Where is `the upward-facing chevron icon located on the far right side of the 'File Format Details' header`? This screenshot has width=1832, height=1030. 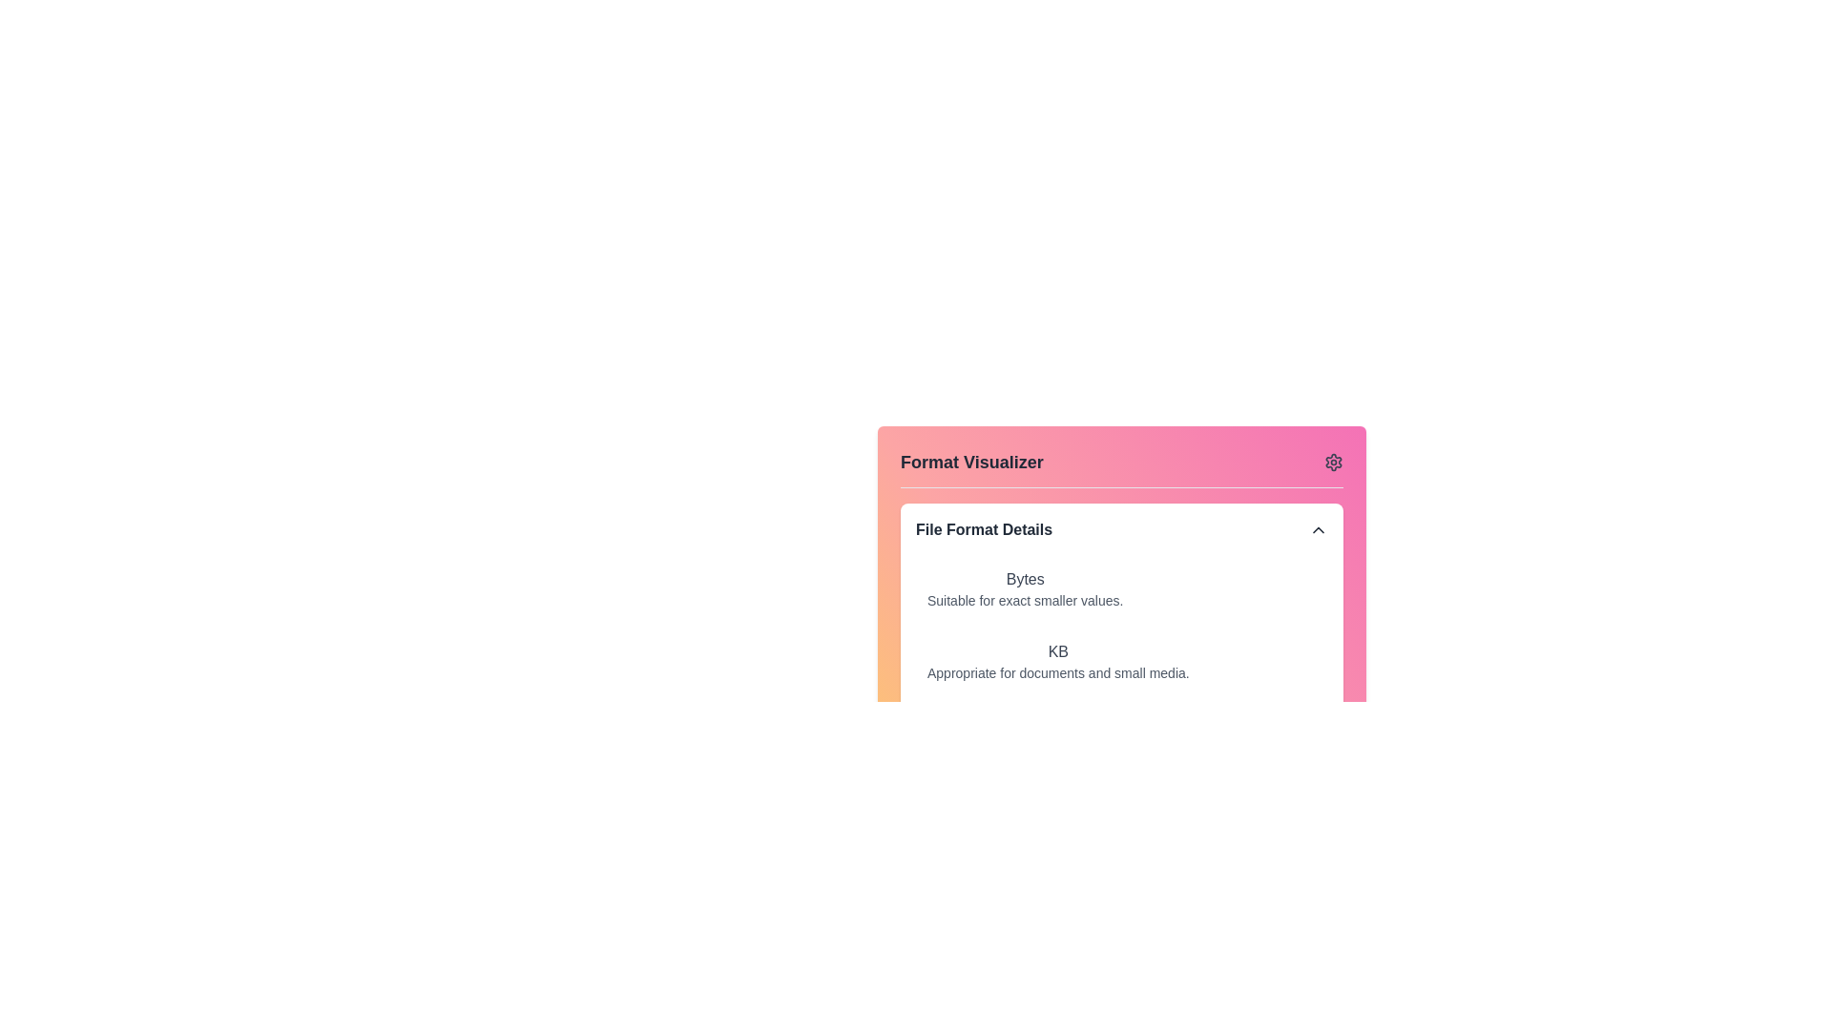 the upward-facing chevron icon located on the far right side of the 'File Format Details' header is located at coordinates (1318, 529).